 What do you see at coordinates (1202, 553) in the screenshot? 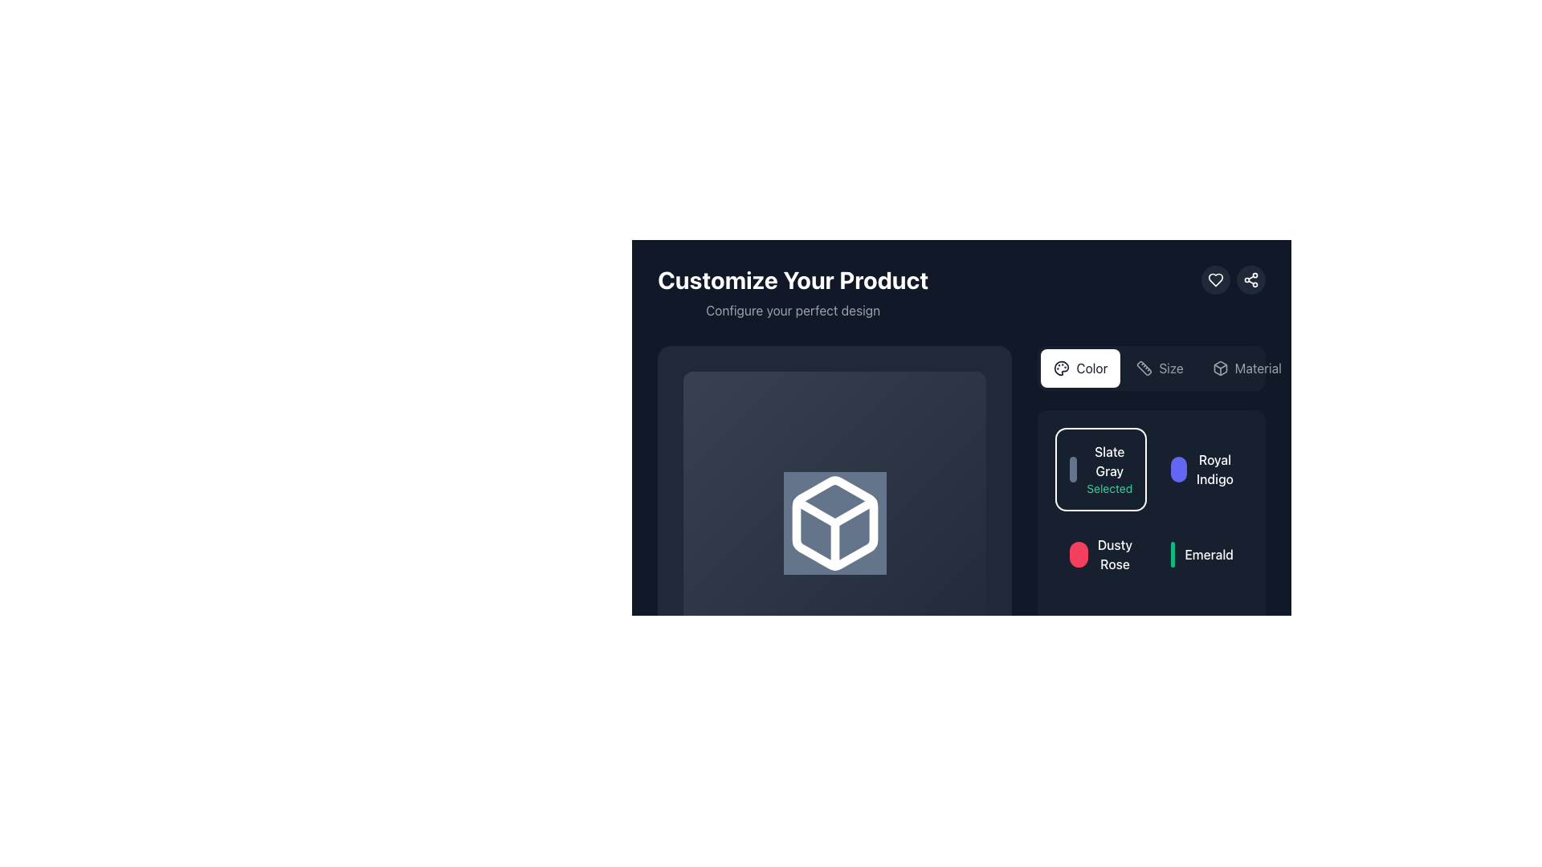
I see `the 'Emerald' button, which features white text and a green circular icon` at bounding box center [1202, 553].